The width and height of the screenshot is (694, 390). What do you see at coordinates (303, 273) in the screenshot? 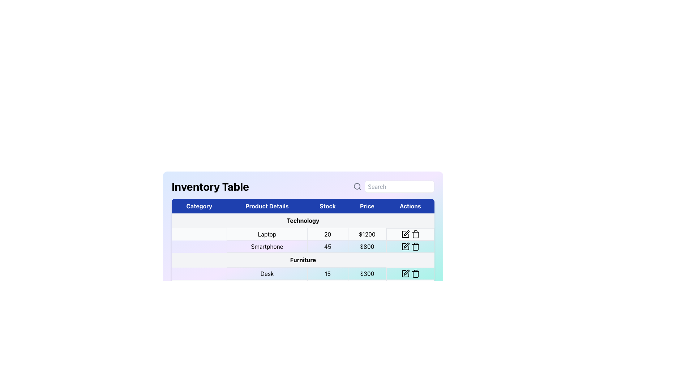
I see `the last row of the table under the 'Furniture' category` at bounding box center [303, 273].